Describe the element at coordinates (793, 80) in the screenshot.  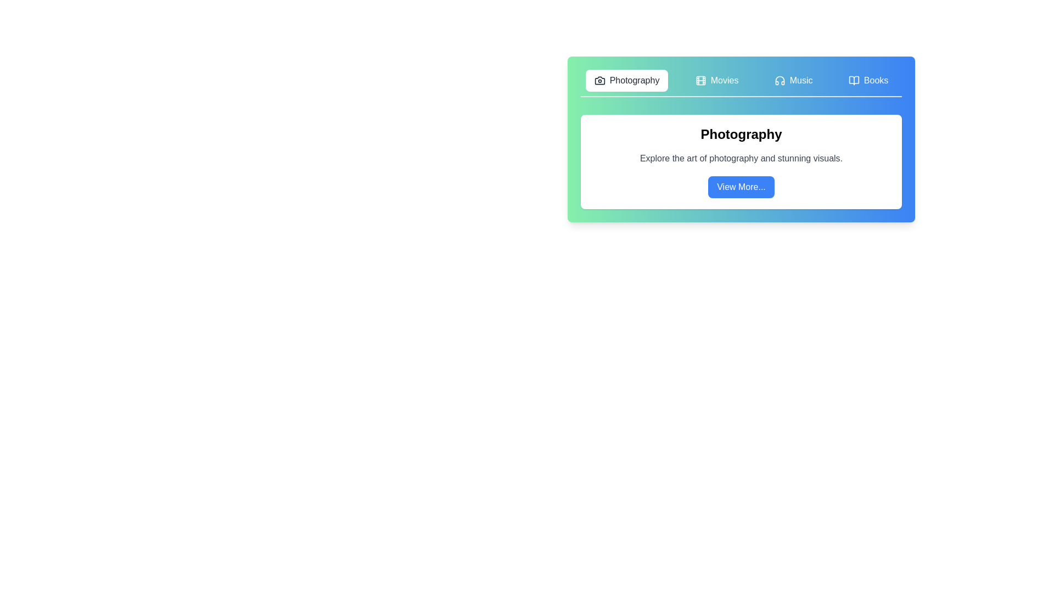
I see `the Music tab to view its content` at that location.